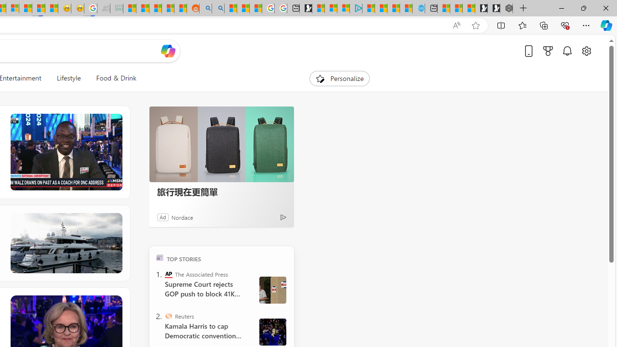 The image size is (617, 347). What do you see at coordinates (169, 316) in the screenshot?
I see `'Reuters'` at bounding box center [169, 316].